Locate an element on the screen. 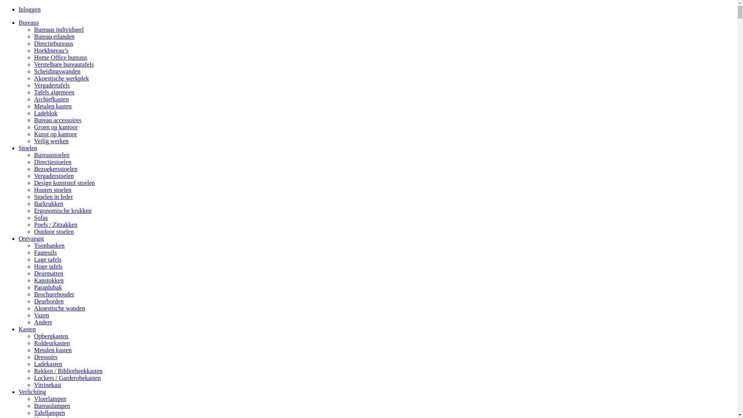  'Ladeblok' is located at coordinates (45, 113).